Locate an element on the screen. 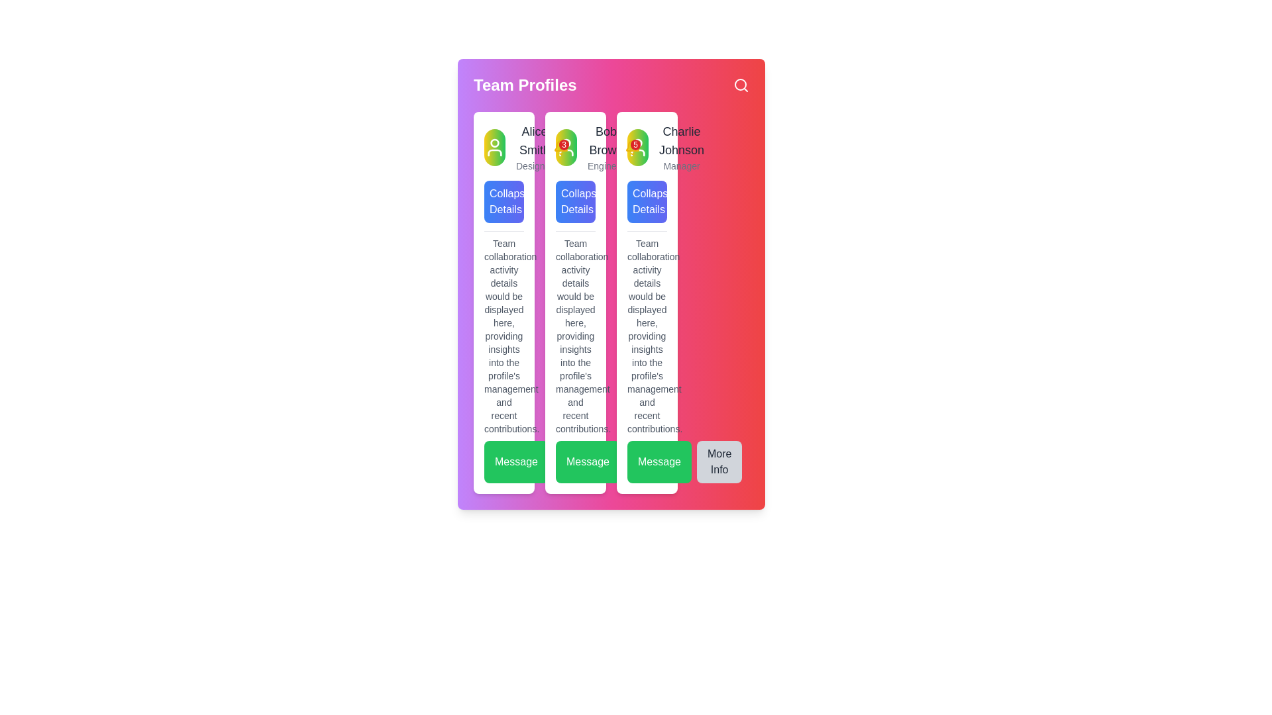 The image size is (1272, 715). the small circular SVG element that represents a user profile image, located at the center of the second card in the team profile dashboard is located at coordinates (566, 143).